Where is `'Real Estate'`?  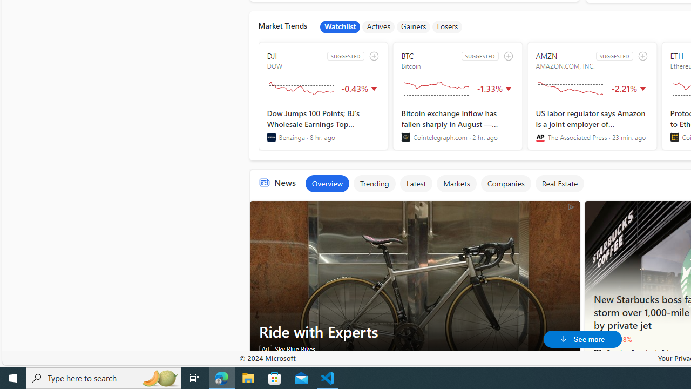 'Real Estate' is located at coordinates (559, 183).